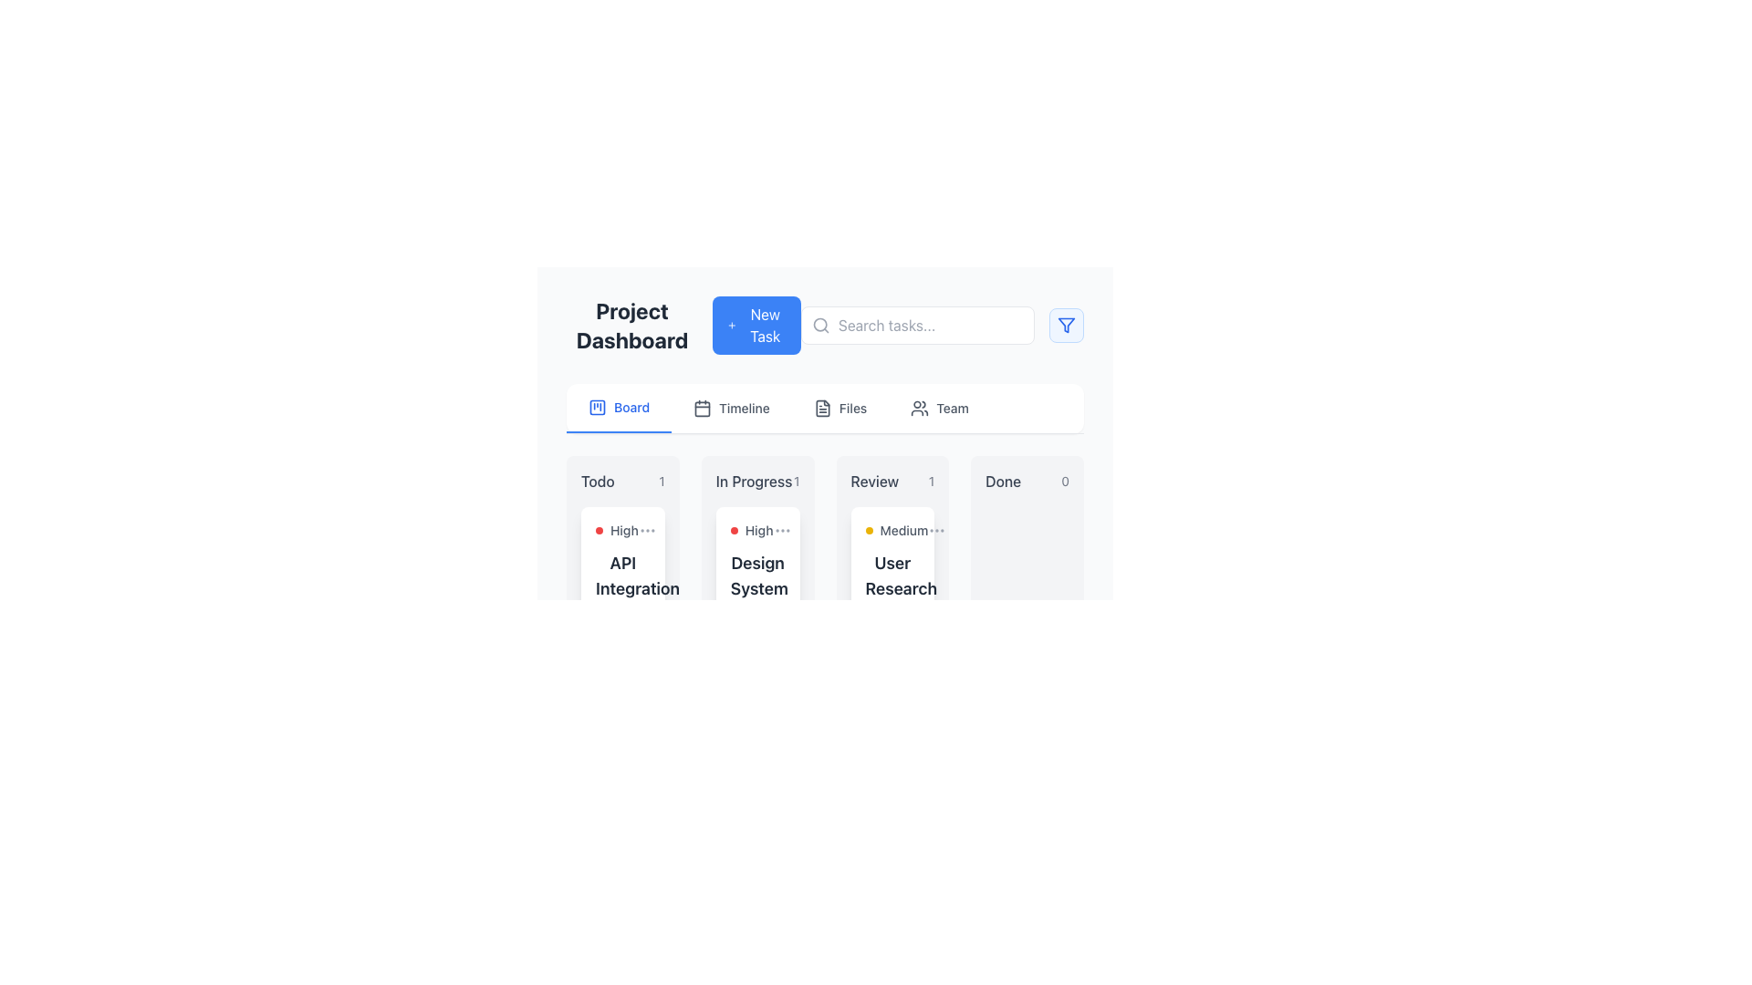 The width and height of the screenshot is (1752, 985). I want to click on the blue button containing the 'New Task' text label, which is located in the top central area of the interface, next to a '+' symbol, so click(765, 325).